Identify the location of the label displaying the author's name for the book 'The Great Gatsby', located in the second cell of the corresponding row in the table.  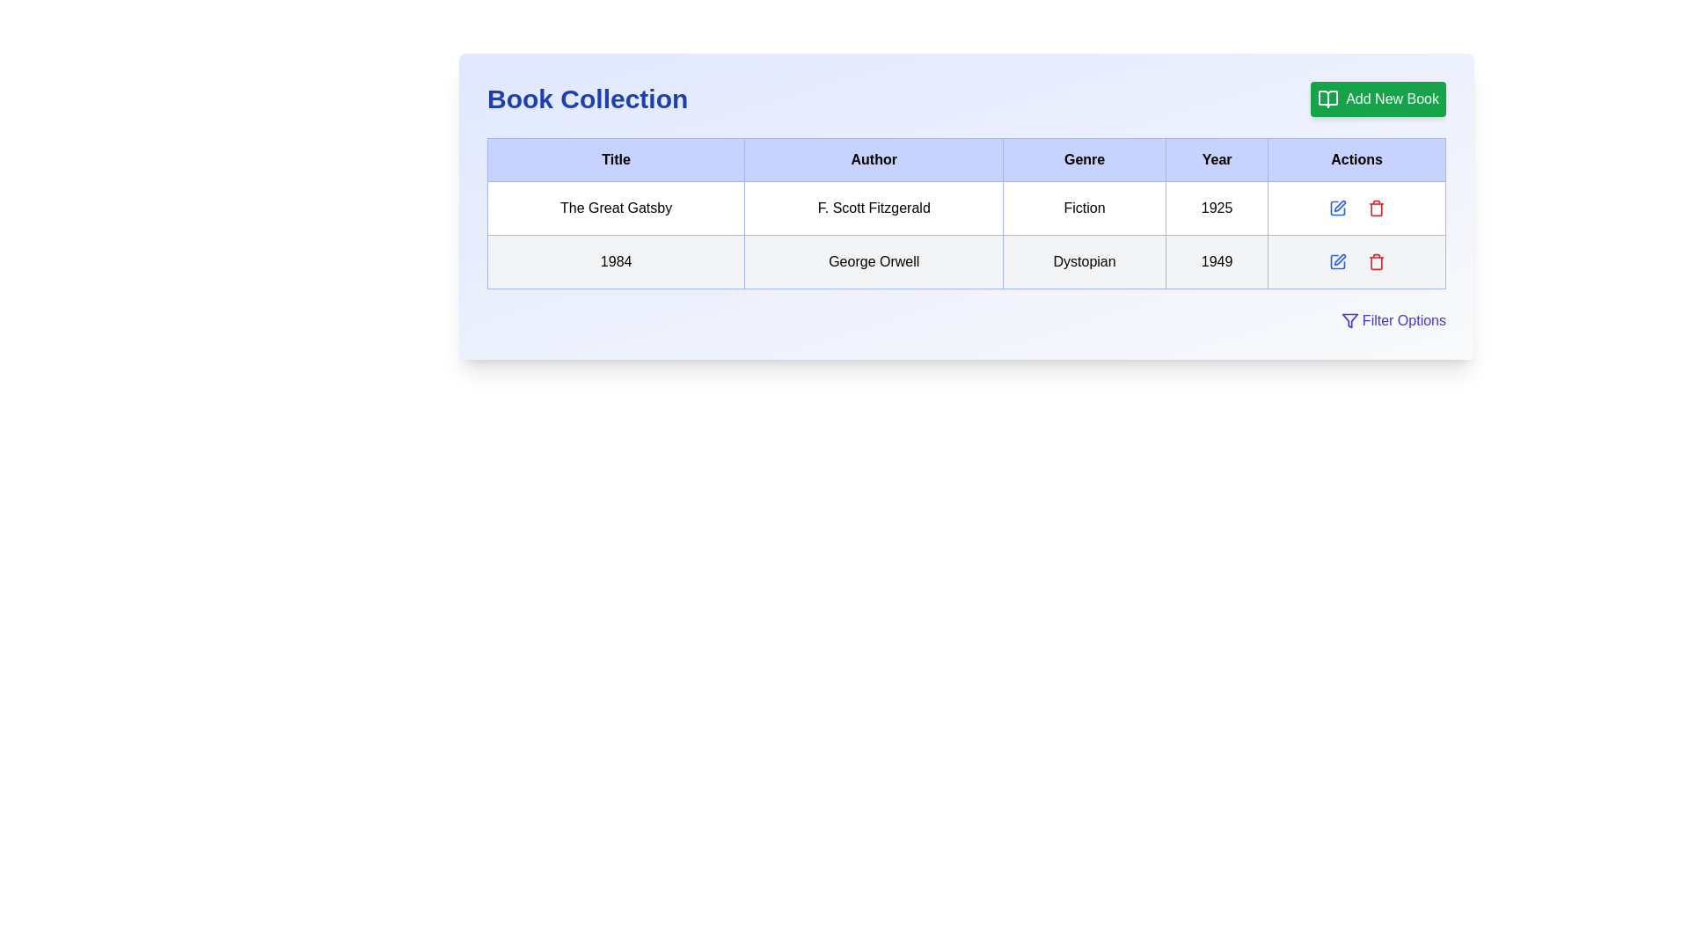
(874, 207).